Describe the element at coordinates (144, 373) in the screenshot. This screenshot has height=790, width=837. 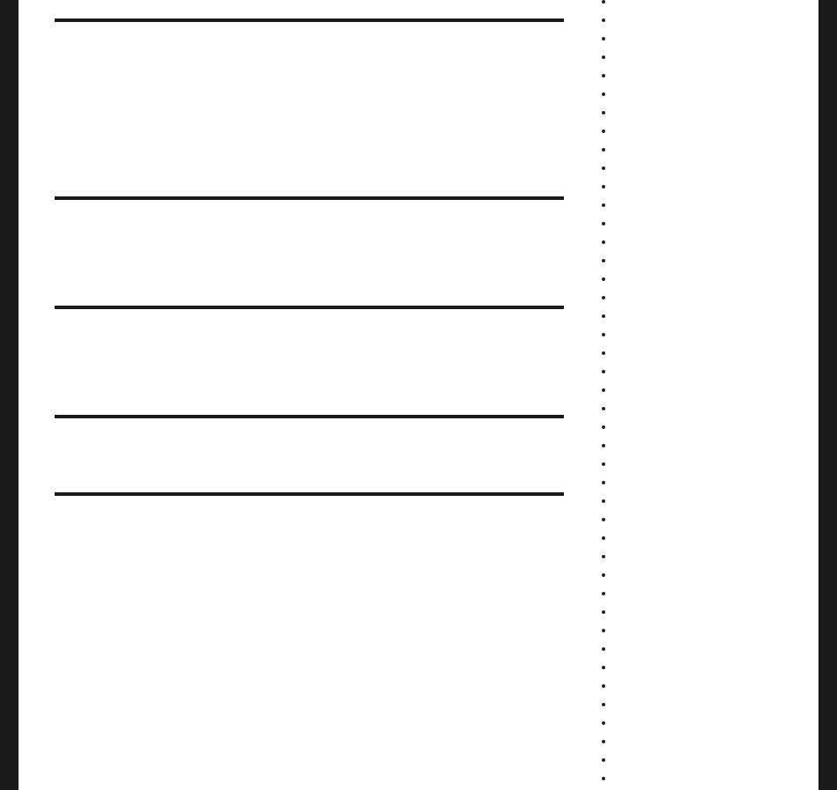
I see `'Admonishment'` at that location.